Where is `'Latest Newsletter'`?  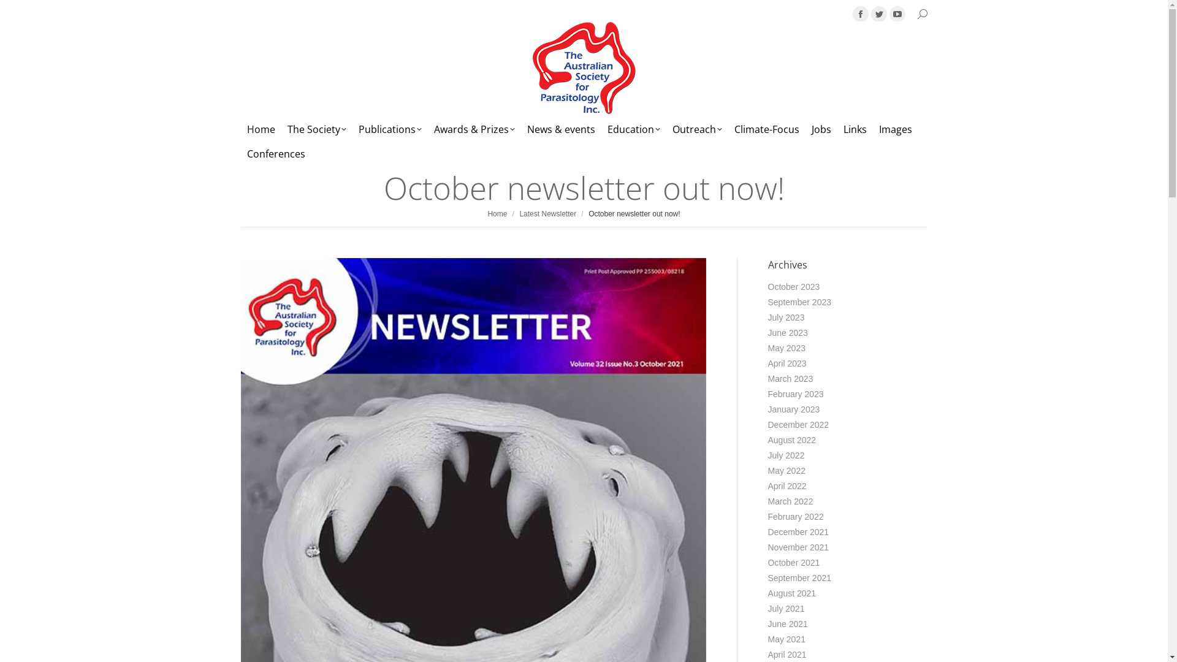
'Latest Newsletter' is located at coordinates (547, 213).